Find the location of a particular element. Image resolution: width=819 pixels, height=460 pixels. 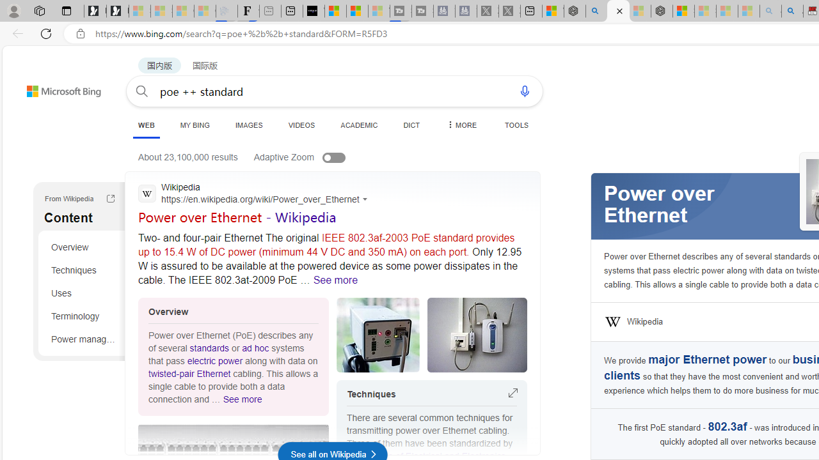

'Search using voice' is located at coordinates (525, 90).